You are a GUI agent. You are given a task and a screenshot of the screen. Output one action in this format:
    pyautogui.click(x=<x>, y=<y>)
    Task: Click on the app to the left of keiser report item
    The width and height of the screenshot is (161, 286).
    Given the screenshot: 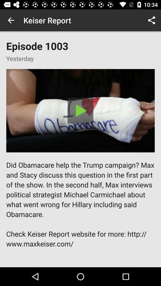 What is the action you would take?
    pyautogui.click(x=11, y=20)
    